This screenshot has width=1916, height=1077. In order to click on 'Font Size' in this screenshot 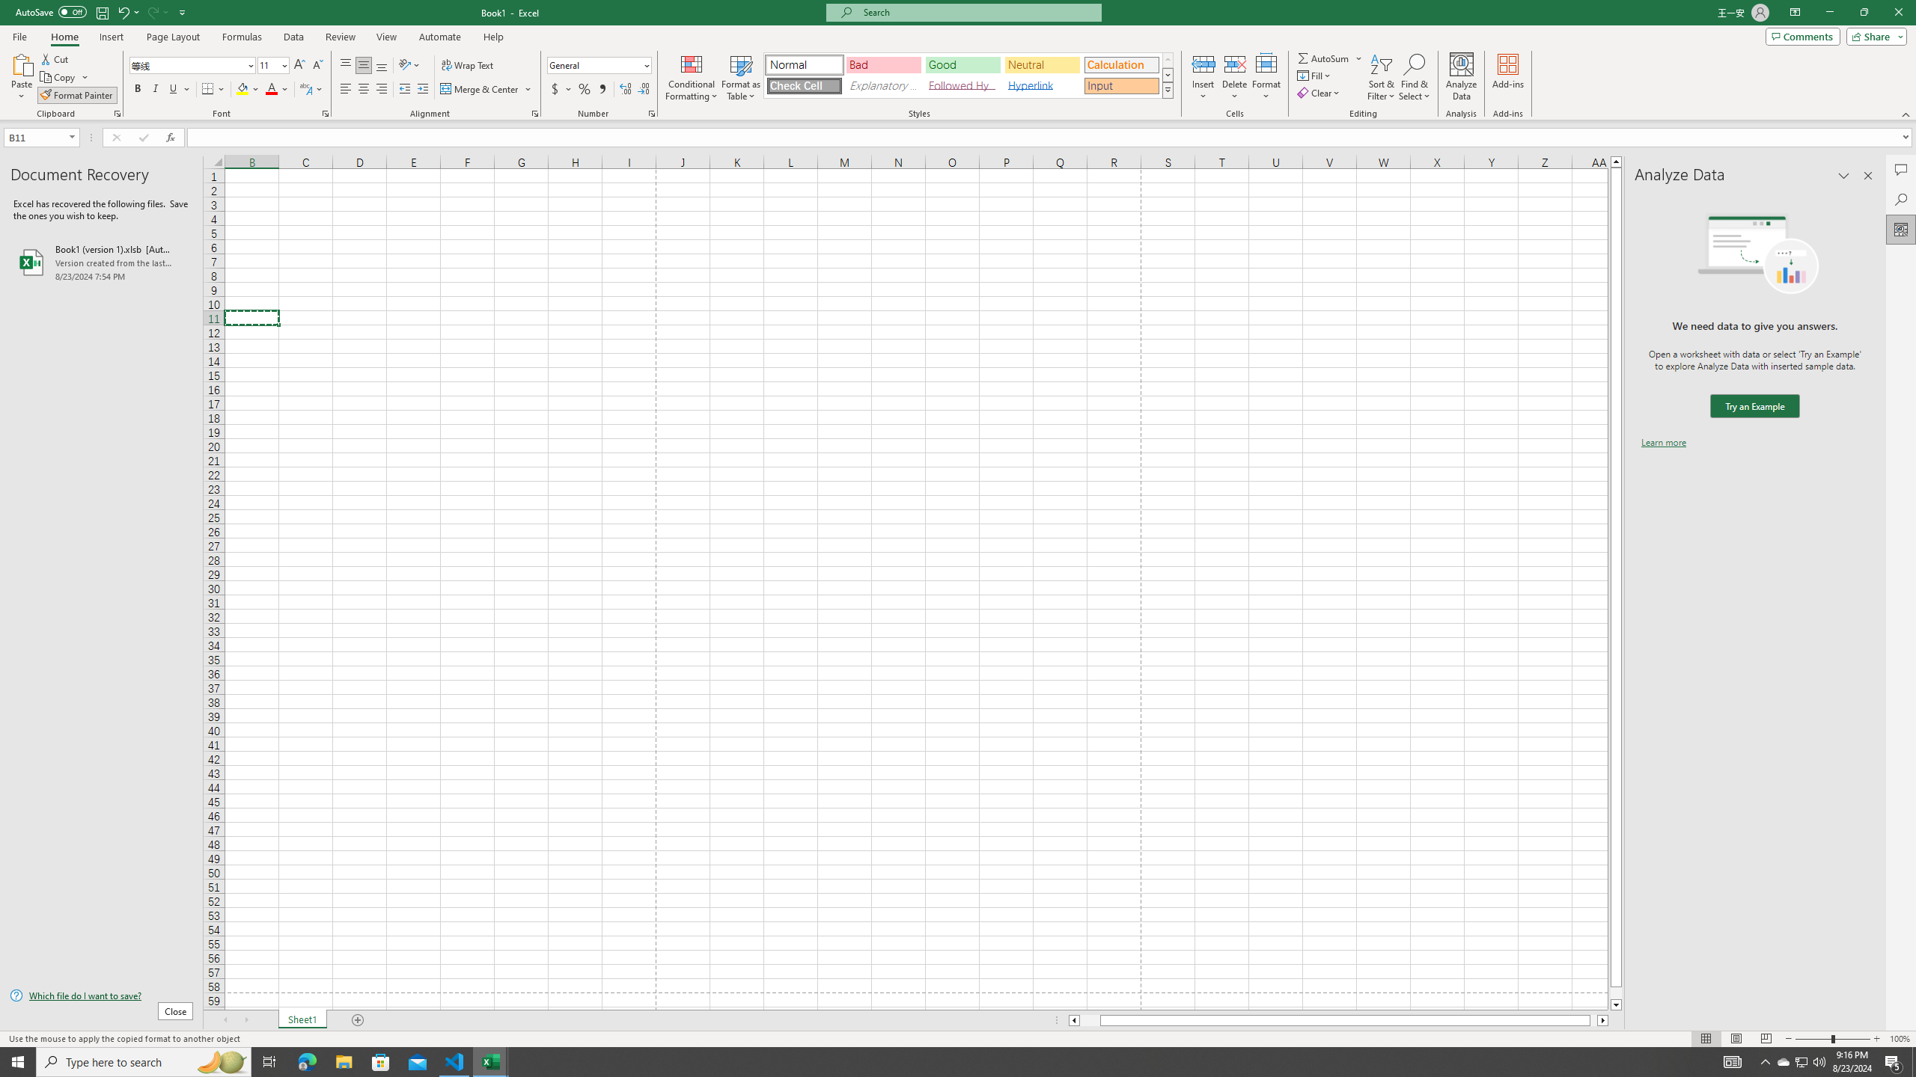, I will do `click(272, 65)`.